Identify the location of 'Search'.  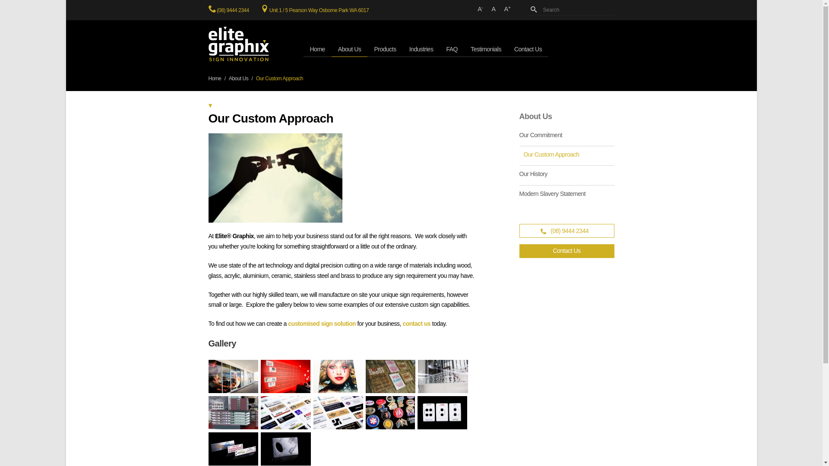
(570, 10).